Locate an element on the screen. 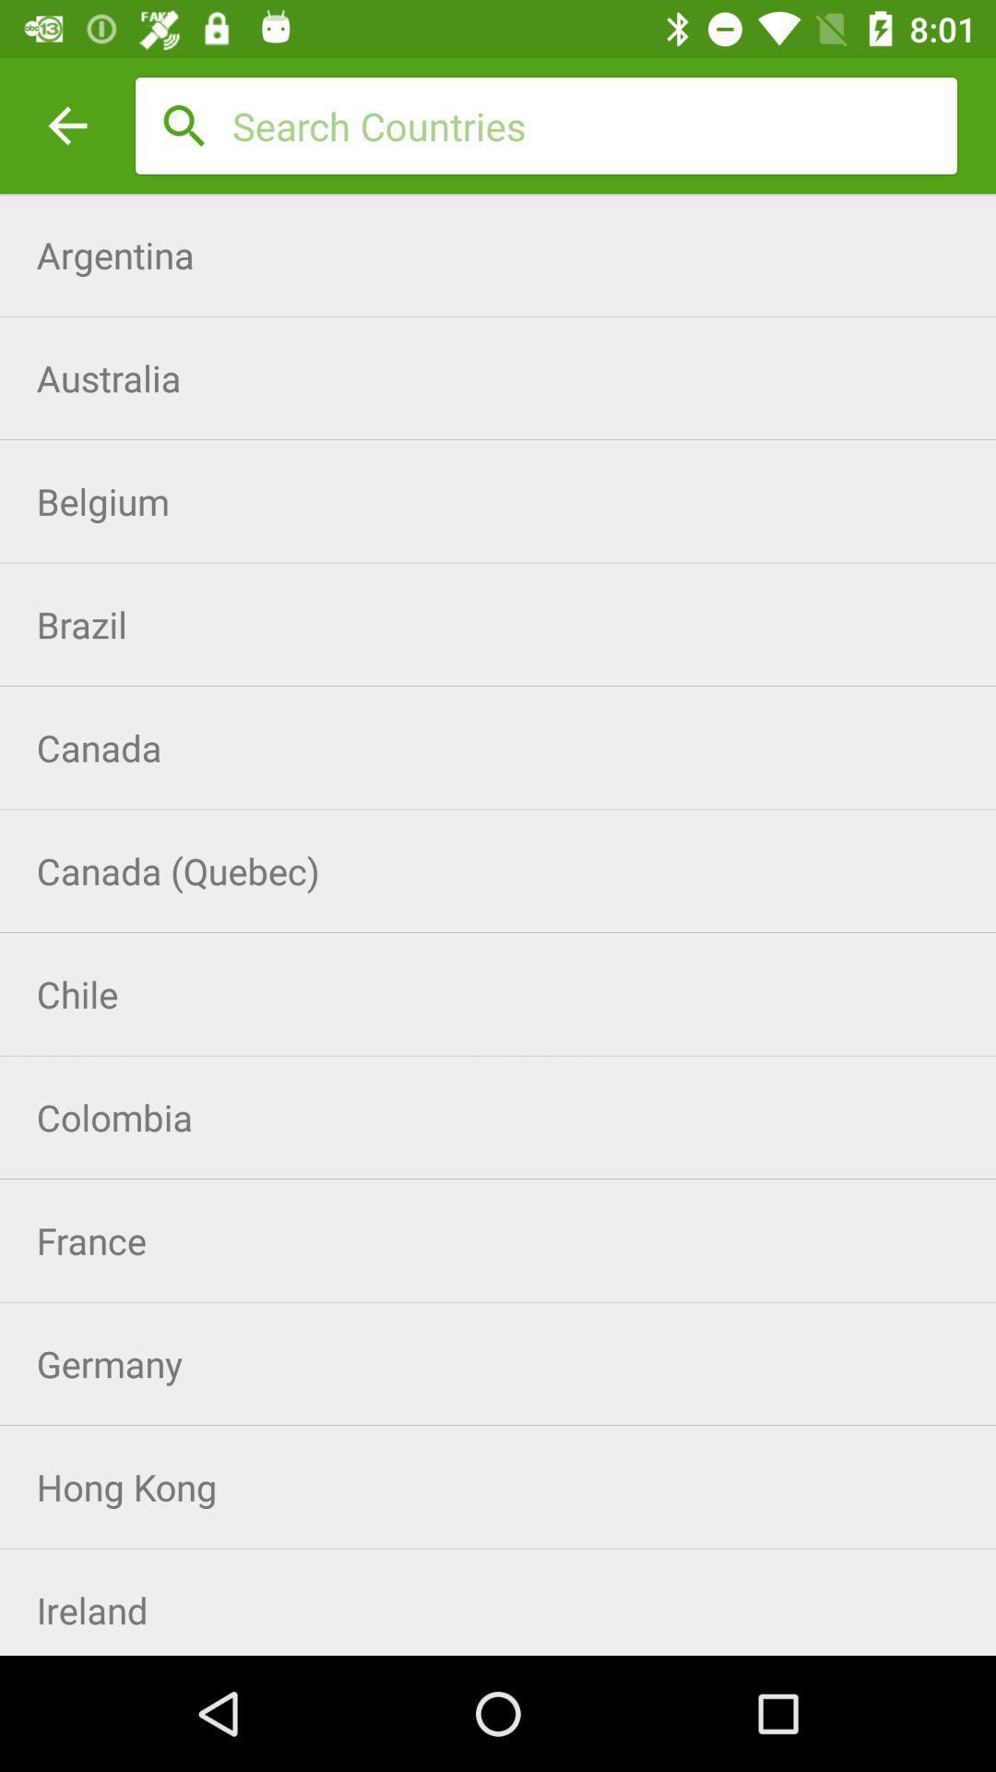  the item below argentina is located at coordinates (498, 377).